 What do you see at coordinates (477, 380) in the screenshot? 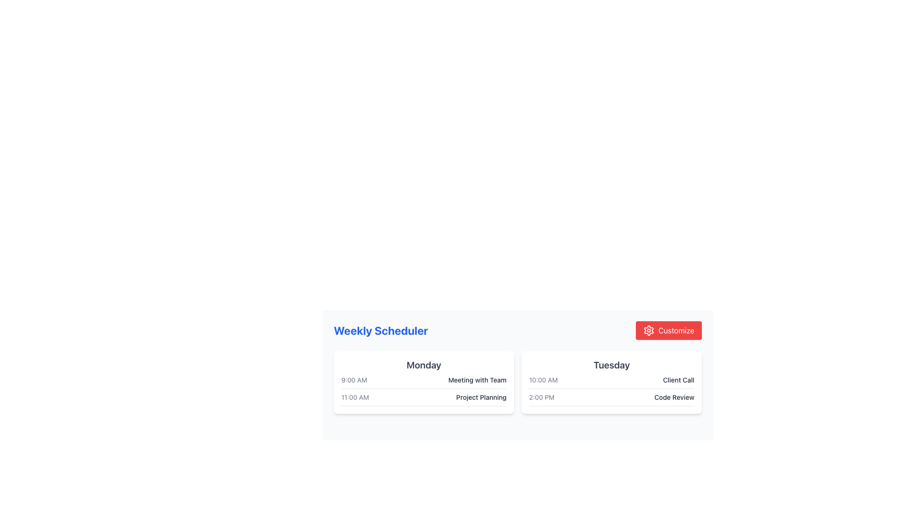
I see `the text label displaying the title of a scheduled event located next to the time label '9:00 AM' in the 'Monday' column of the weekly schedule table` at bounding box center [477, 380].